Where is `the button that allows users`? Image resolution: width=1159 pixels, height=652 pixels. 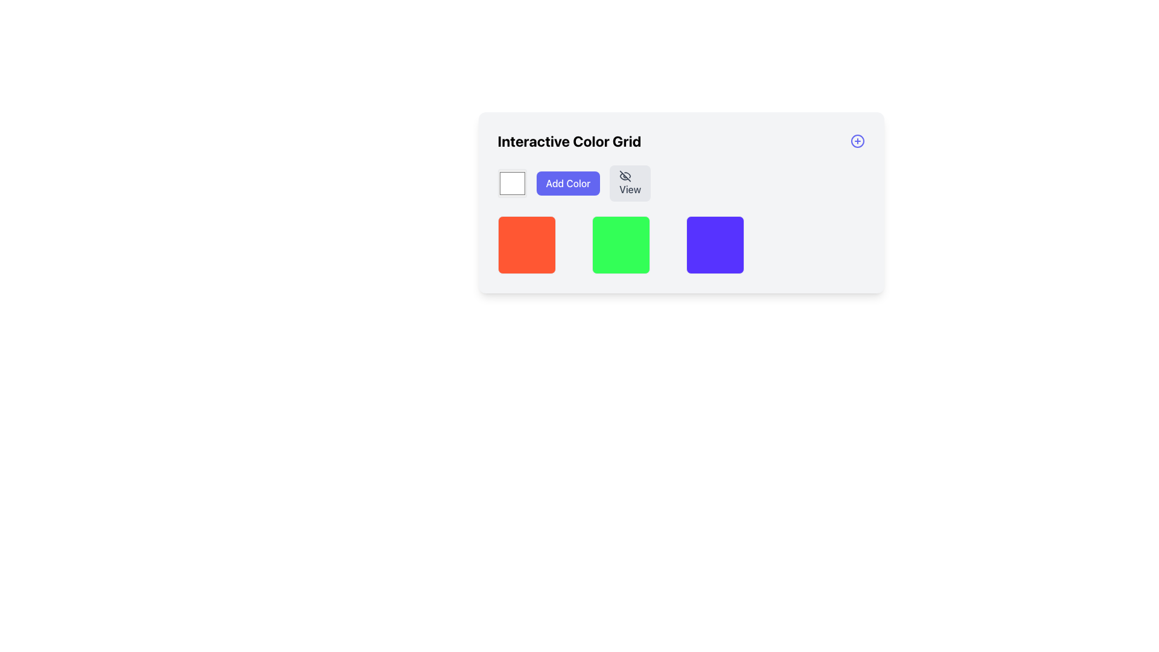
the button that allows users is located at coordinates (567, 184).